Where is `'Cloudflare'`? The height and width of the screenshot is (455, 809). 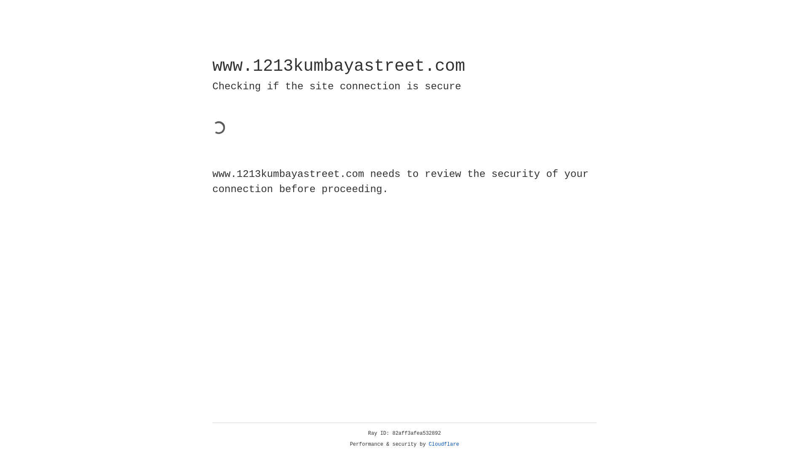
'Cloudflare' is located at coordinates (444, 444).